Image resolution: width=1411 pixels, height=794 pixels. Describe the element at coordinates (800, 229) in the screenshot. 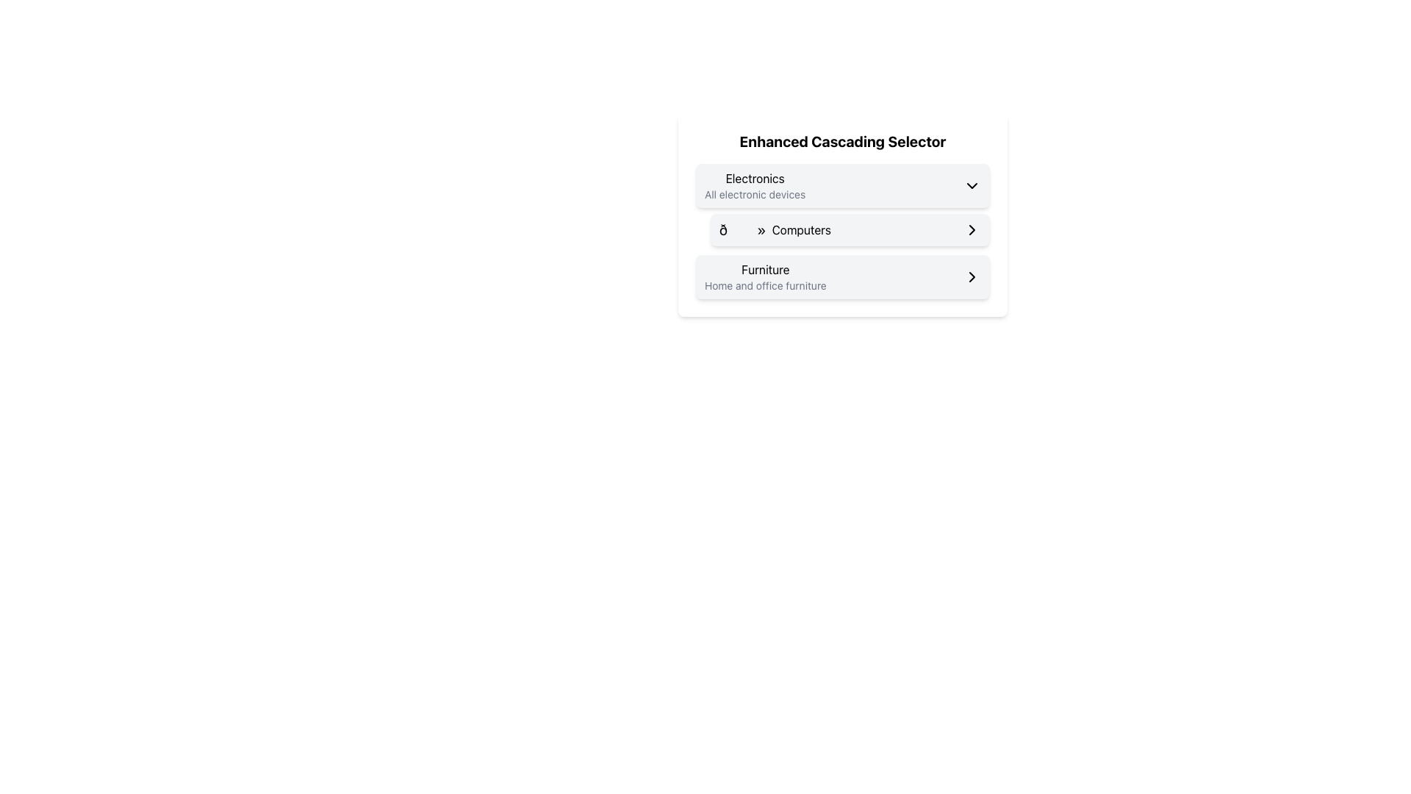

I see `the 'Computers' text label within the 'Enhanced Cascading Selector'` at that location.